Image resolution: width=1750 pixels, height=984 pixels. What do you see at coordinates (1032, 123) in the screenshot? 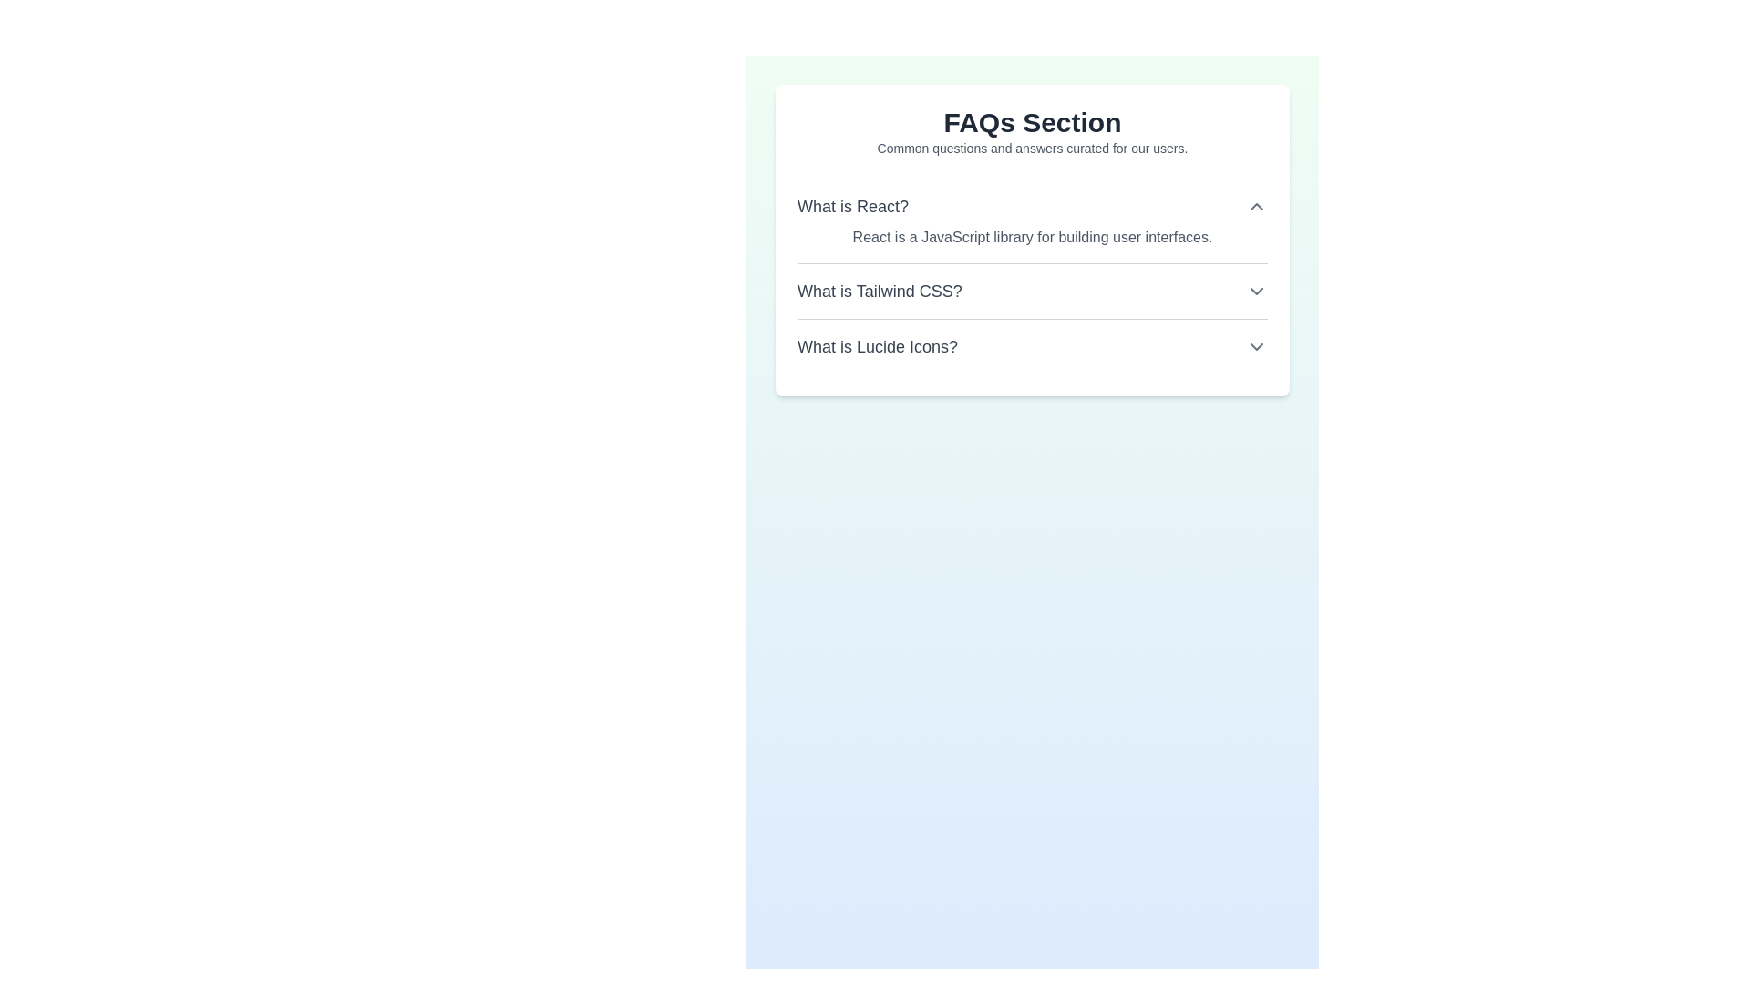
I see `the bold textual heading labeled 'FAQs Section' that is styled with a large font and dark gray color, positioned at the top of the central area of the interface` at bounding box center [1032, 123].